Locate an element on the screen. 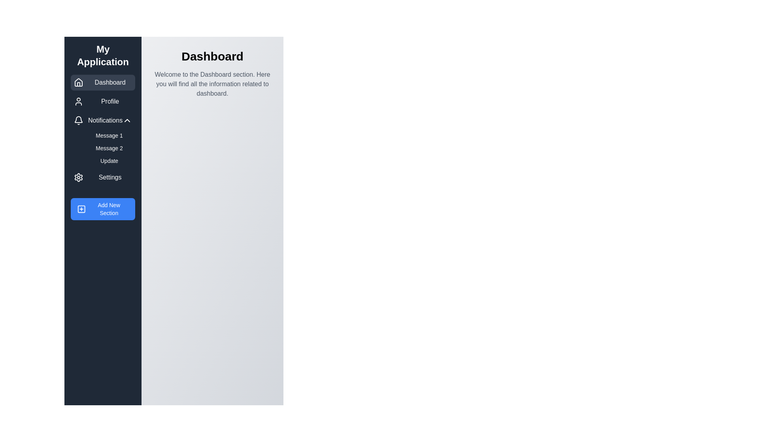 Image resolution: width=759 pixels, height=427 pixels. the outer ring of the gear icon within the 'Settings' button located in the vertical navigation bar on the left side is located at coordinates (78, 177).